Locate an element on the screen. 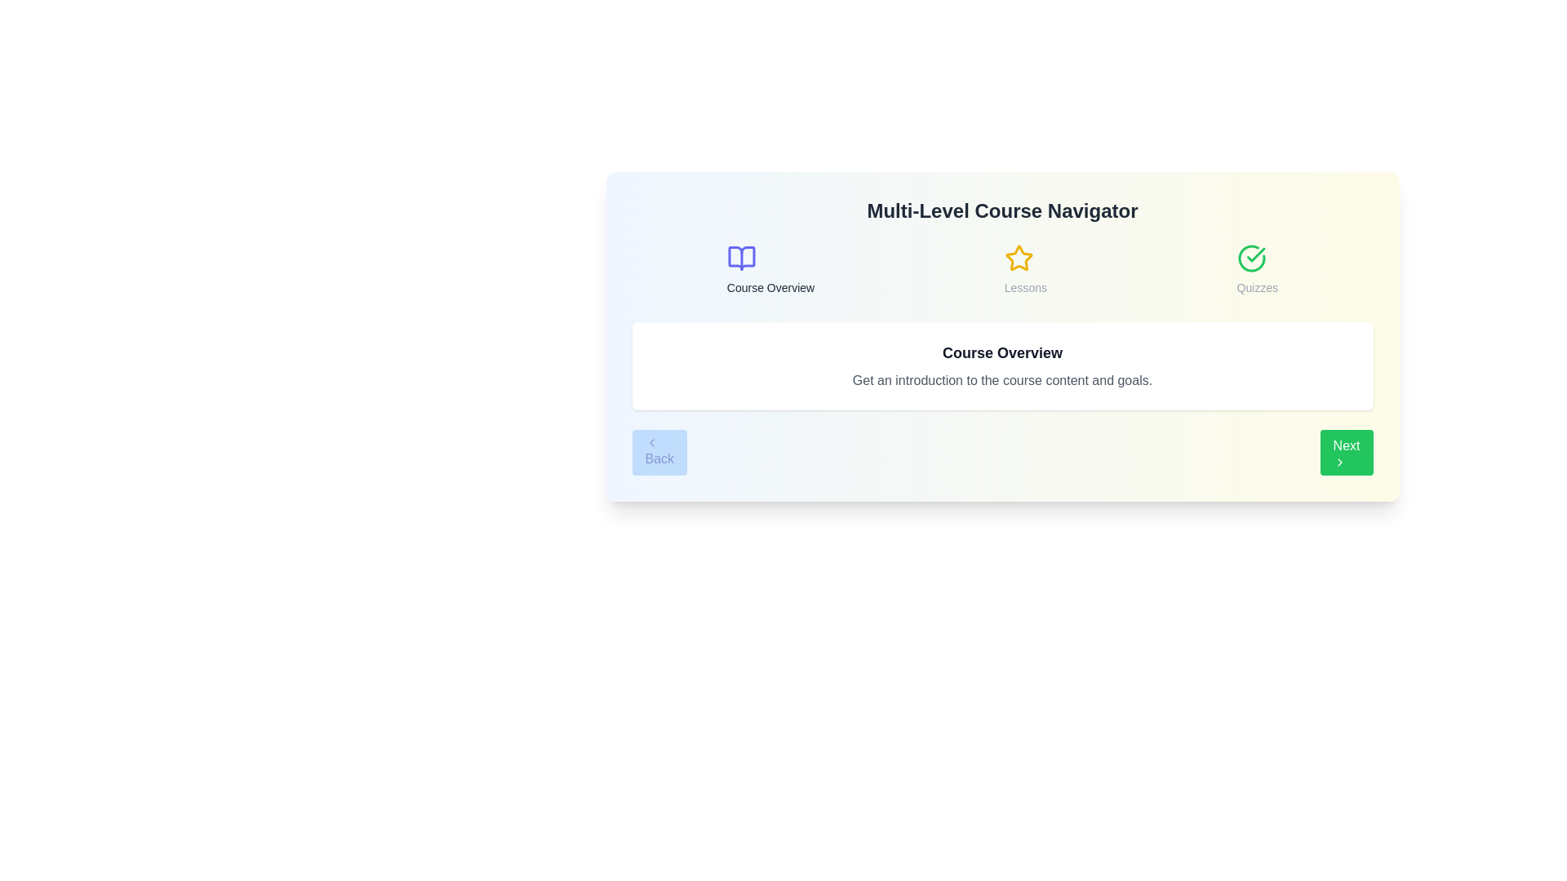  the course icon for Quizzes is located at coordinates (1250, 257).